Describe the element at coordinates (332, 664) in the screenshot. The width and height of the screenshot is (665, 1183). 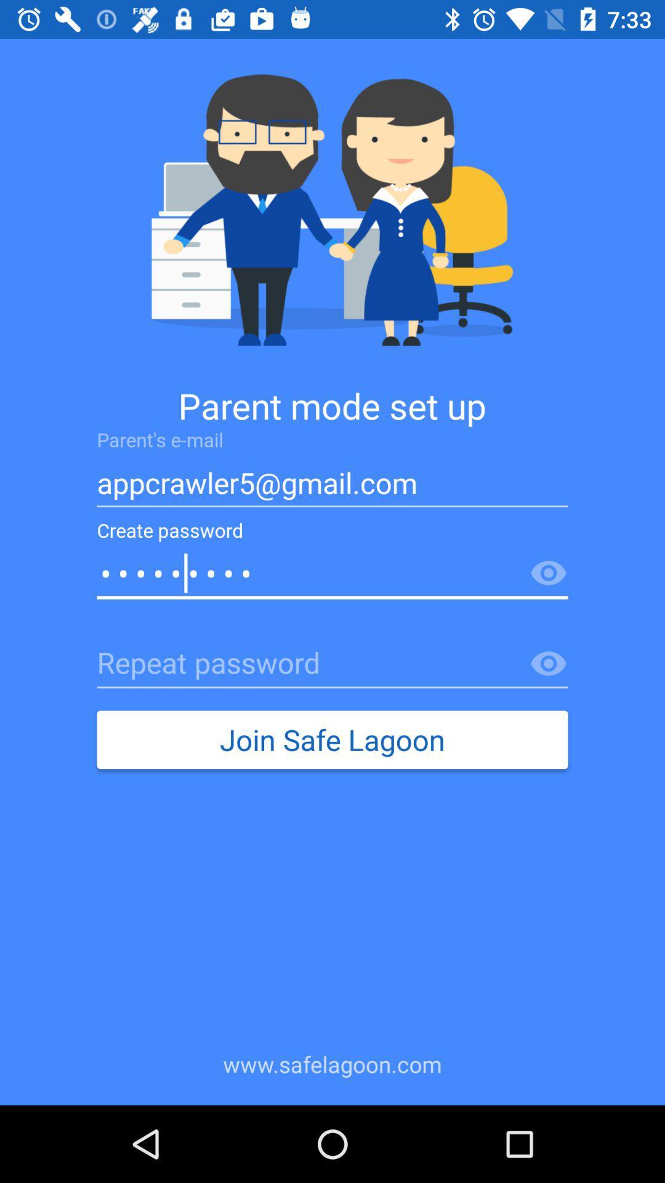
I see `repeat password box` at that location.